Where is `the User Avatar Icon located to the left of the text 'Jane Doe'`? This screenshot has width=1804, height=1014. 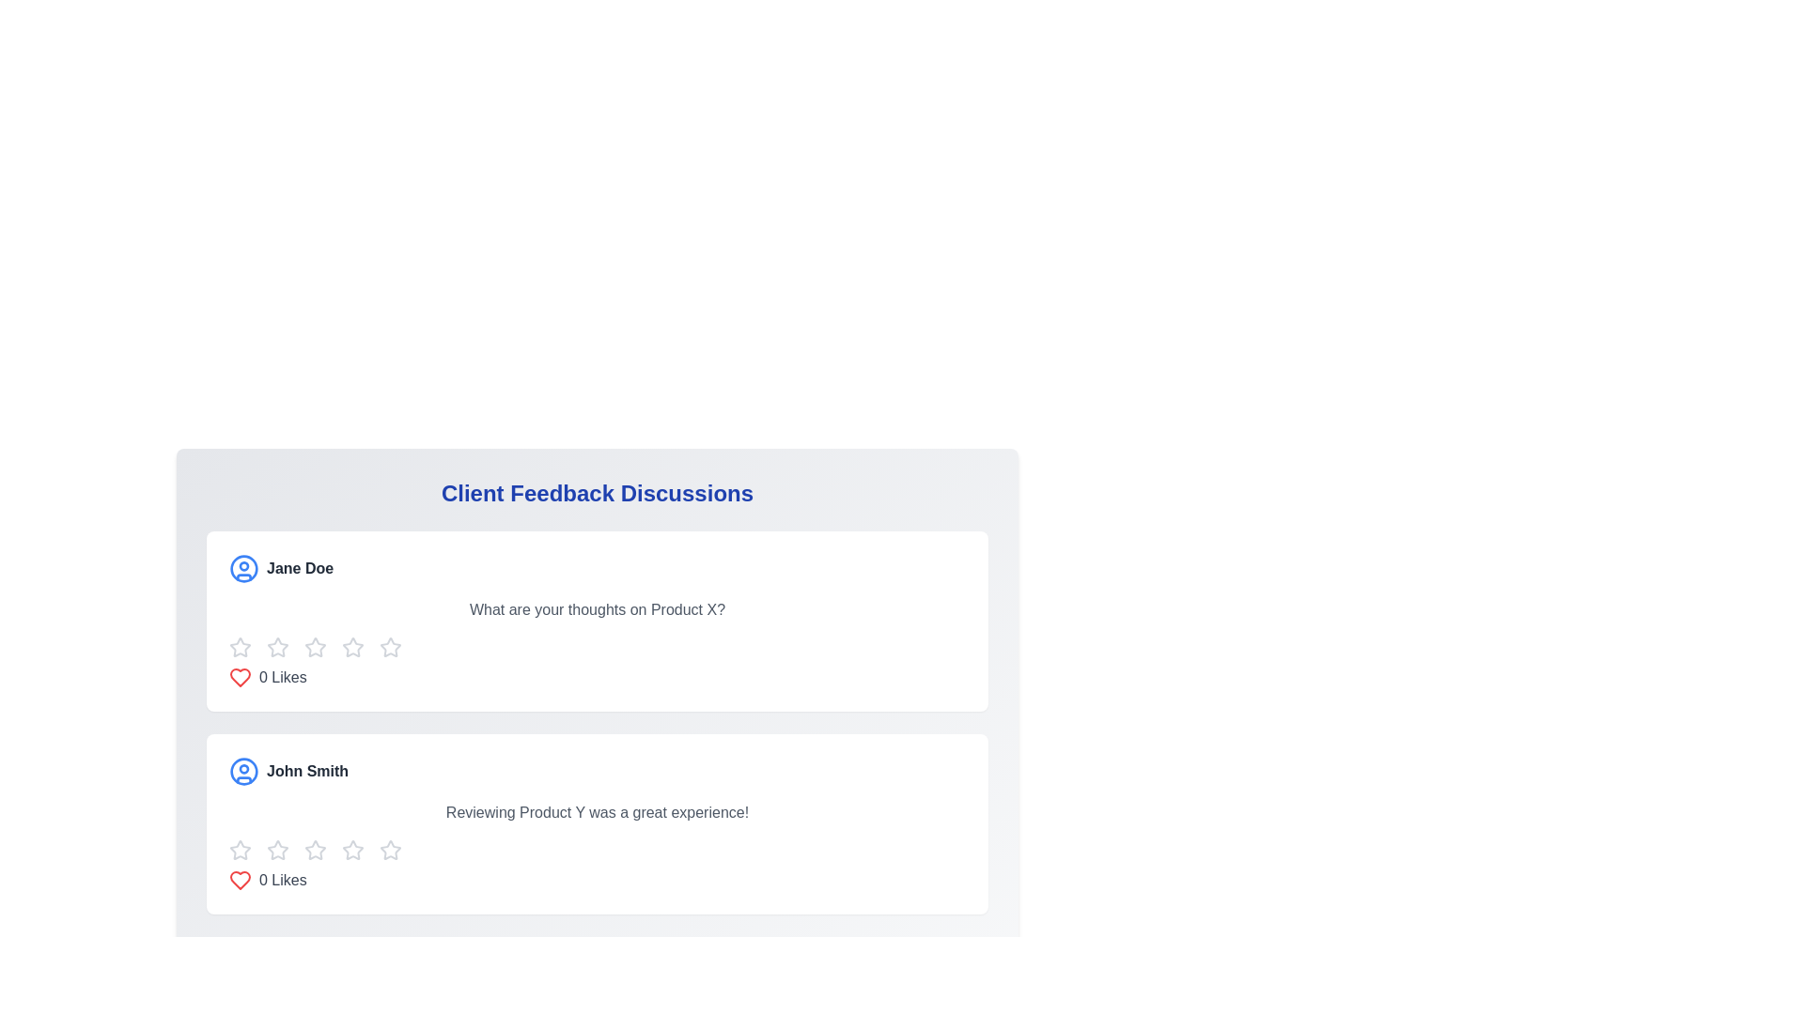 the User Avatar Icon located to the left of the text 'Jane Doe' is located at coordinates (242, 567).